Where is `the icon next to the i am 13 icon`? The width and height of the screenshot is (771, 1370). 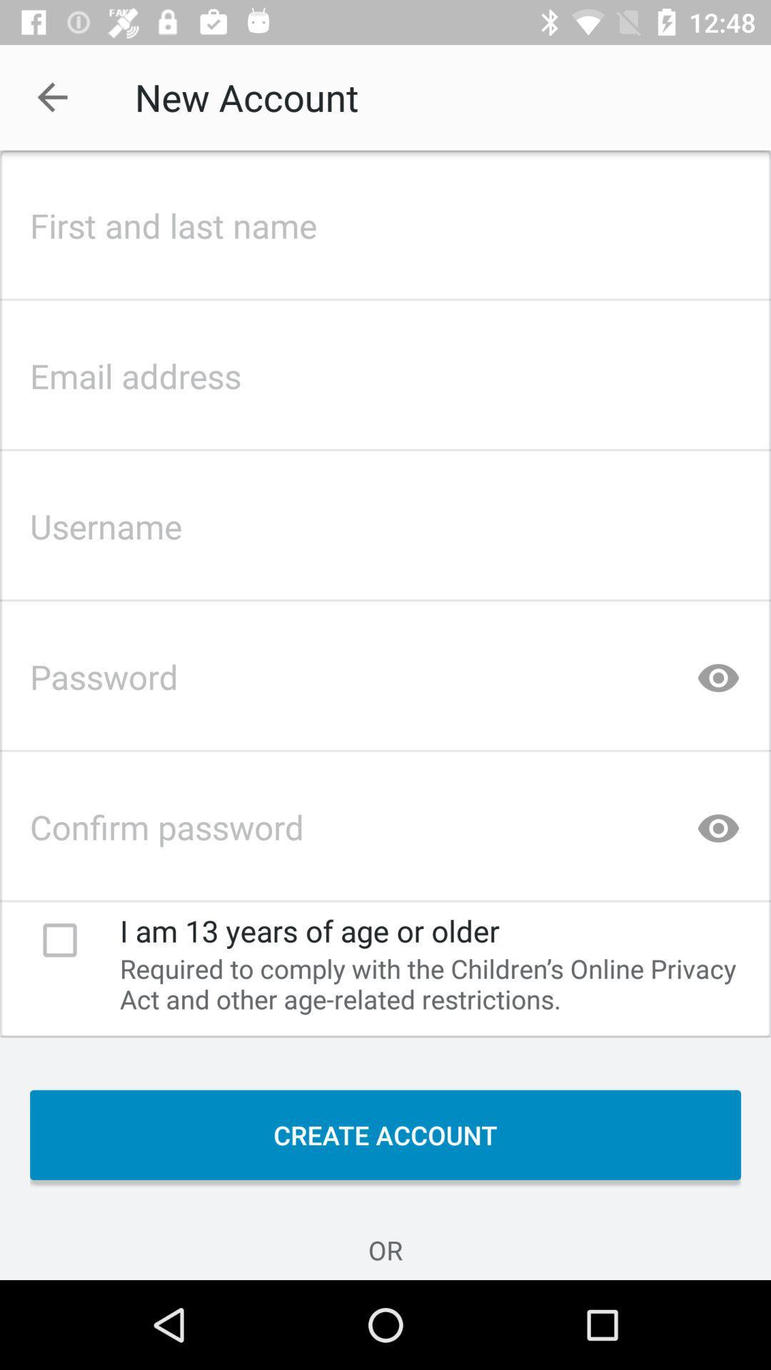 the icon next to the i am 13 icon is located at coordinates (59, 940).